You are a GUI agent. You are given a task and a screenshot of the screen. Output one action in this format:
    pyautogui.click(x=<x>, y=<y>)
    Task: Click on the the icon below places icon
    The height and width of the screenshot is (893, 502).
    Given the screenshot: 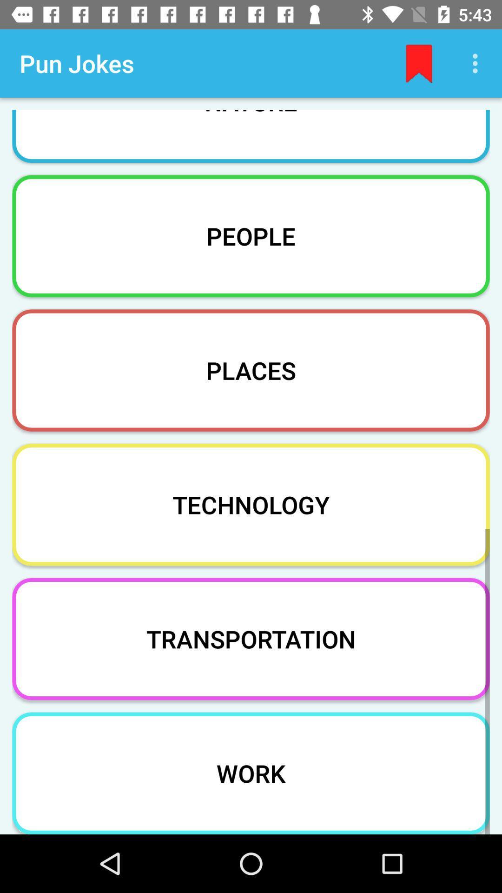 What is the action you would take?
    pyautogui.click(x=251, y=504)
    